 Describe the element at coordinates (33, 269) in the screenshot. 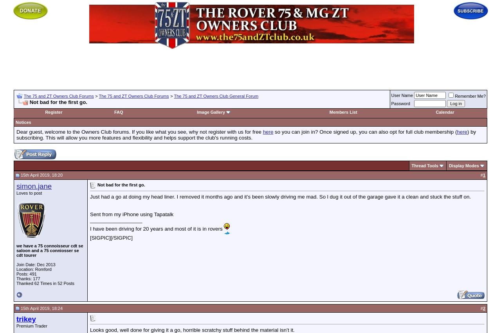

I see `'Location: Romford'` at that location.